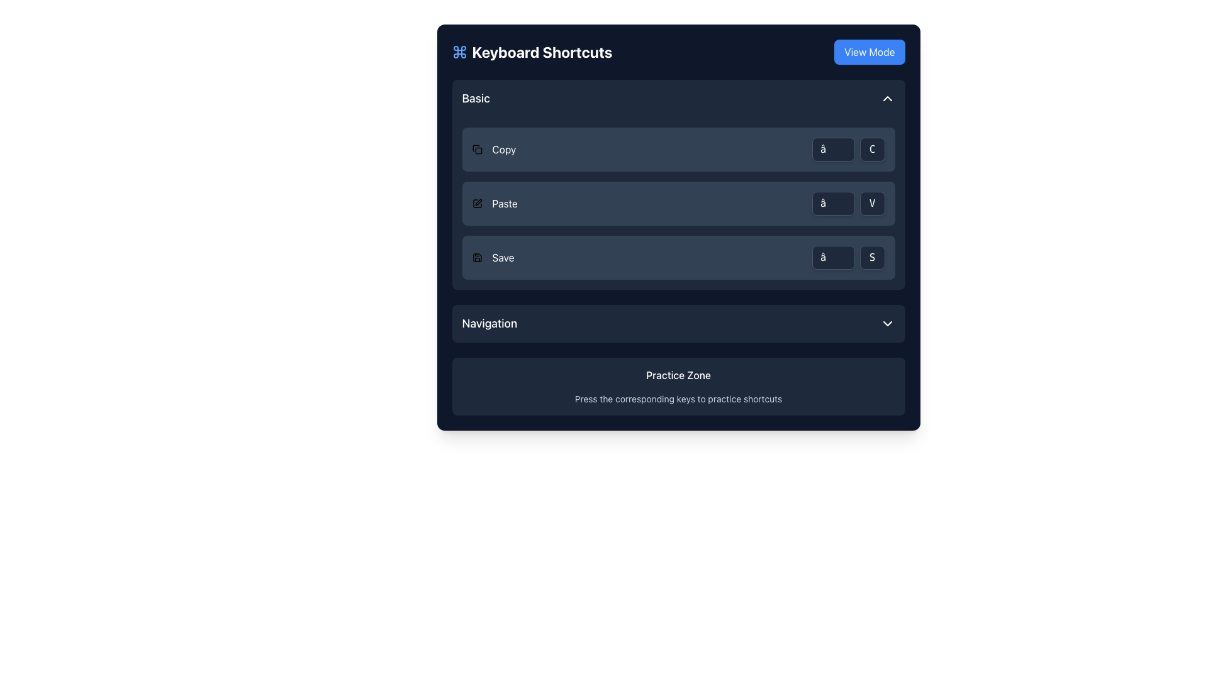 This screenshot has height=679, width=1208. What do you see at coordinates (848, 203) in the screenshot?
I see `displayed keyboard shortcut for pasting, which consists of the symbols '⌘' and 'V' next to the word 'Paste' in the 'Basic' section` at bounding box center [848, 203].